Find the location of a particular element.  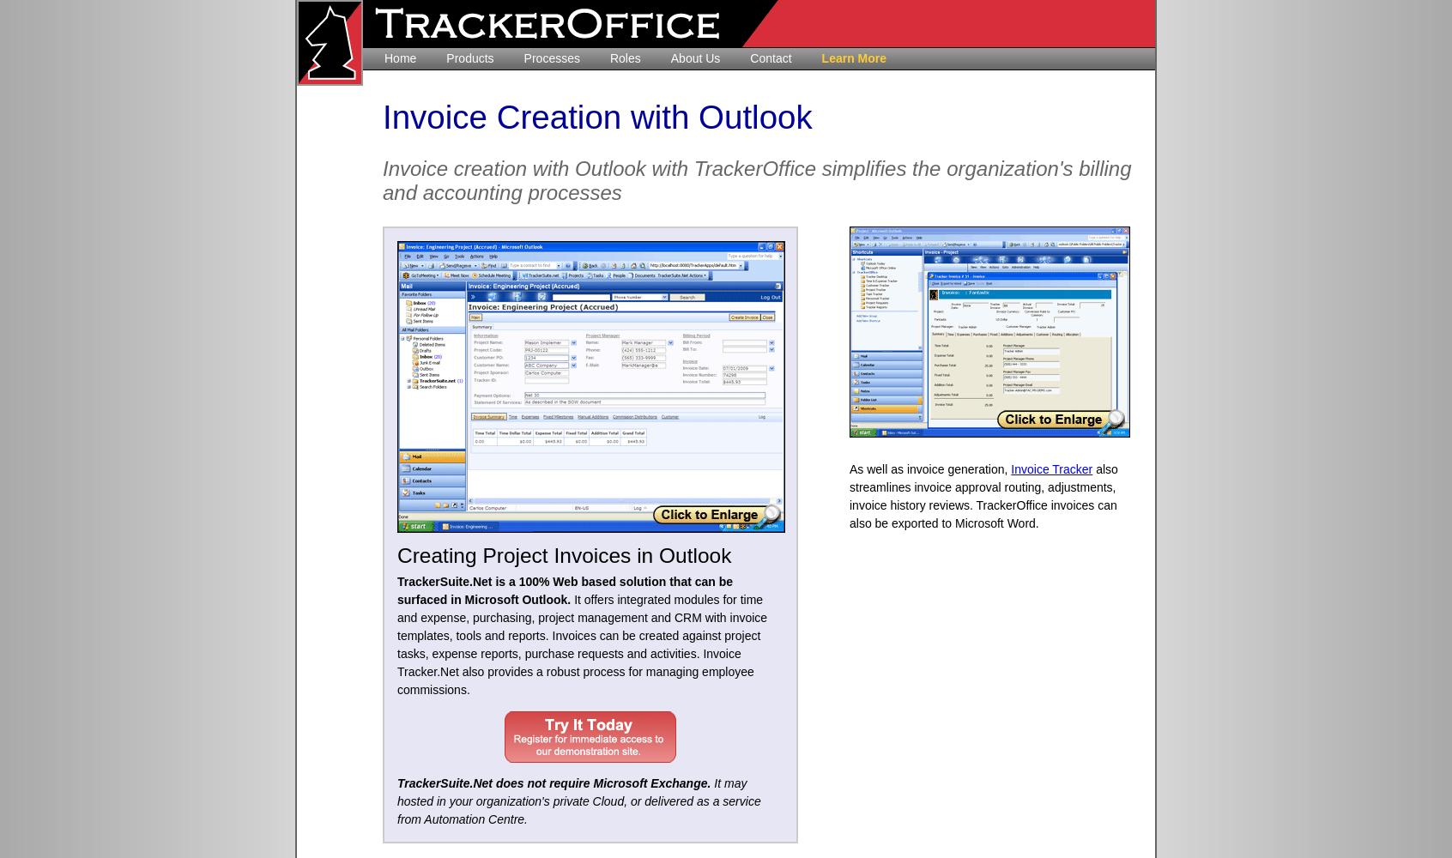

'Invoice creation with Outlook with TrackerOffice simplifies the organization's billing and accounting processes' is located at coordinates (756, 179).